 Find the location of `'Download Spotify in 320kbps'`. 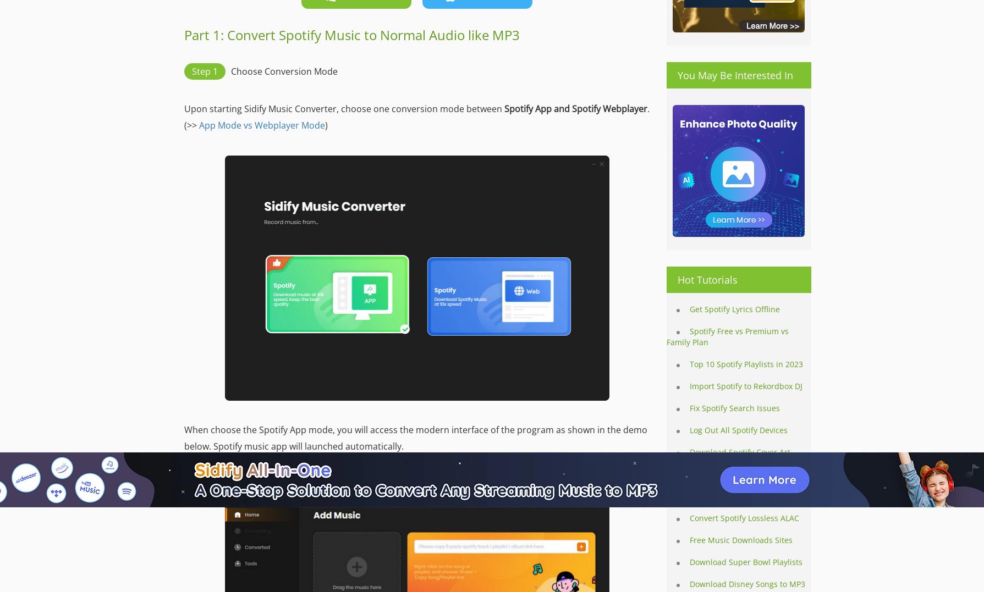

'Download Spotify in 320kbps' is located at coordinates (743, 496).